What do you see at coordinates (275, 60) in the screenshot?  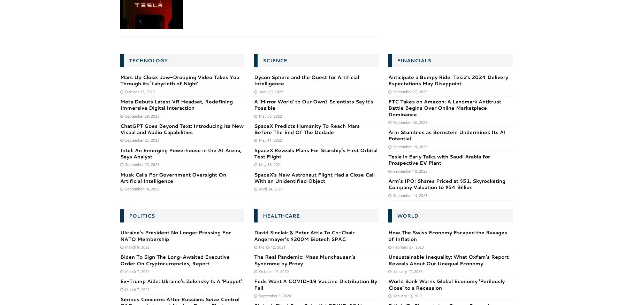 I see `'Science'` at bounding box center [275, 60].